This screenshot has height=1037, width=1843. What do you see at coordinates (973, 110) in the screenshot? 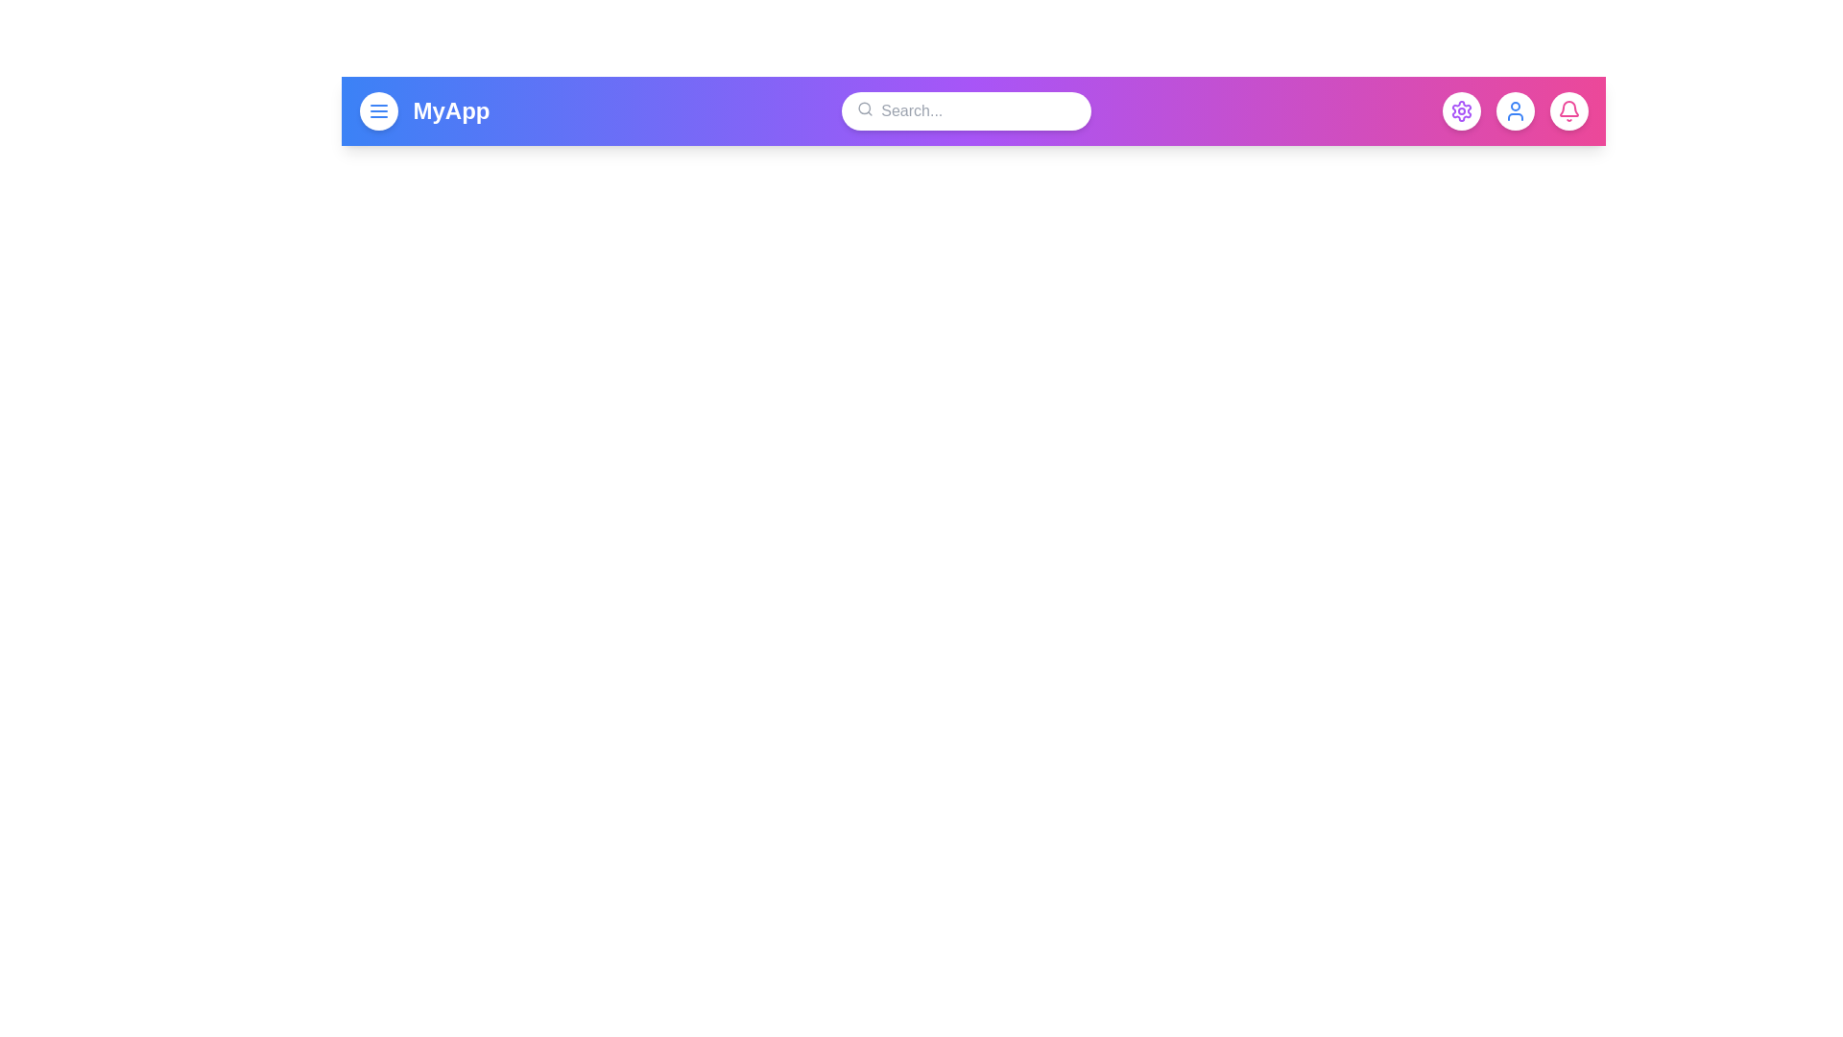
I see `the gradient app bar to trigger its interaction` at bounding box center [973, 110].